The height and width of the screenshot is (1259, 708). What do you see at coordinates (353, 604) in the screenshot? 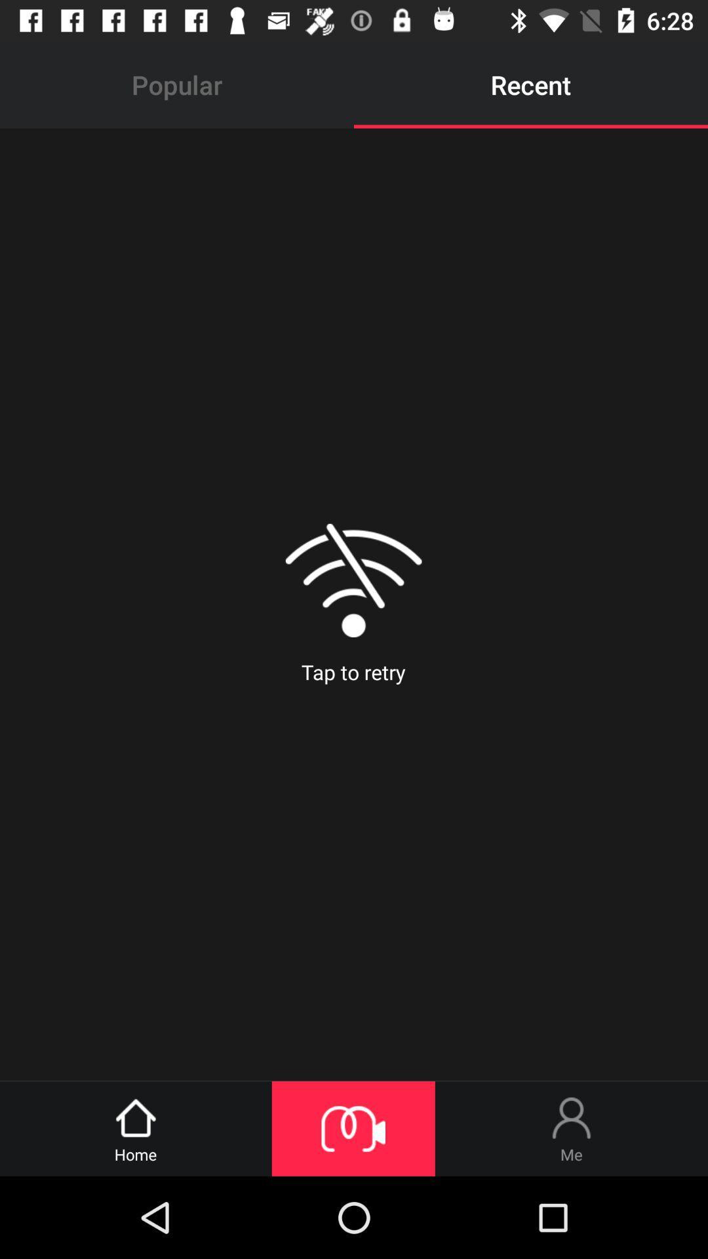
I see `the tap to retry icon` at bounding box center [353, 604].